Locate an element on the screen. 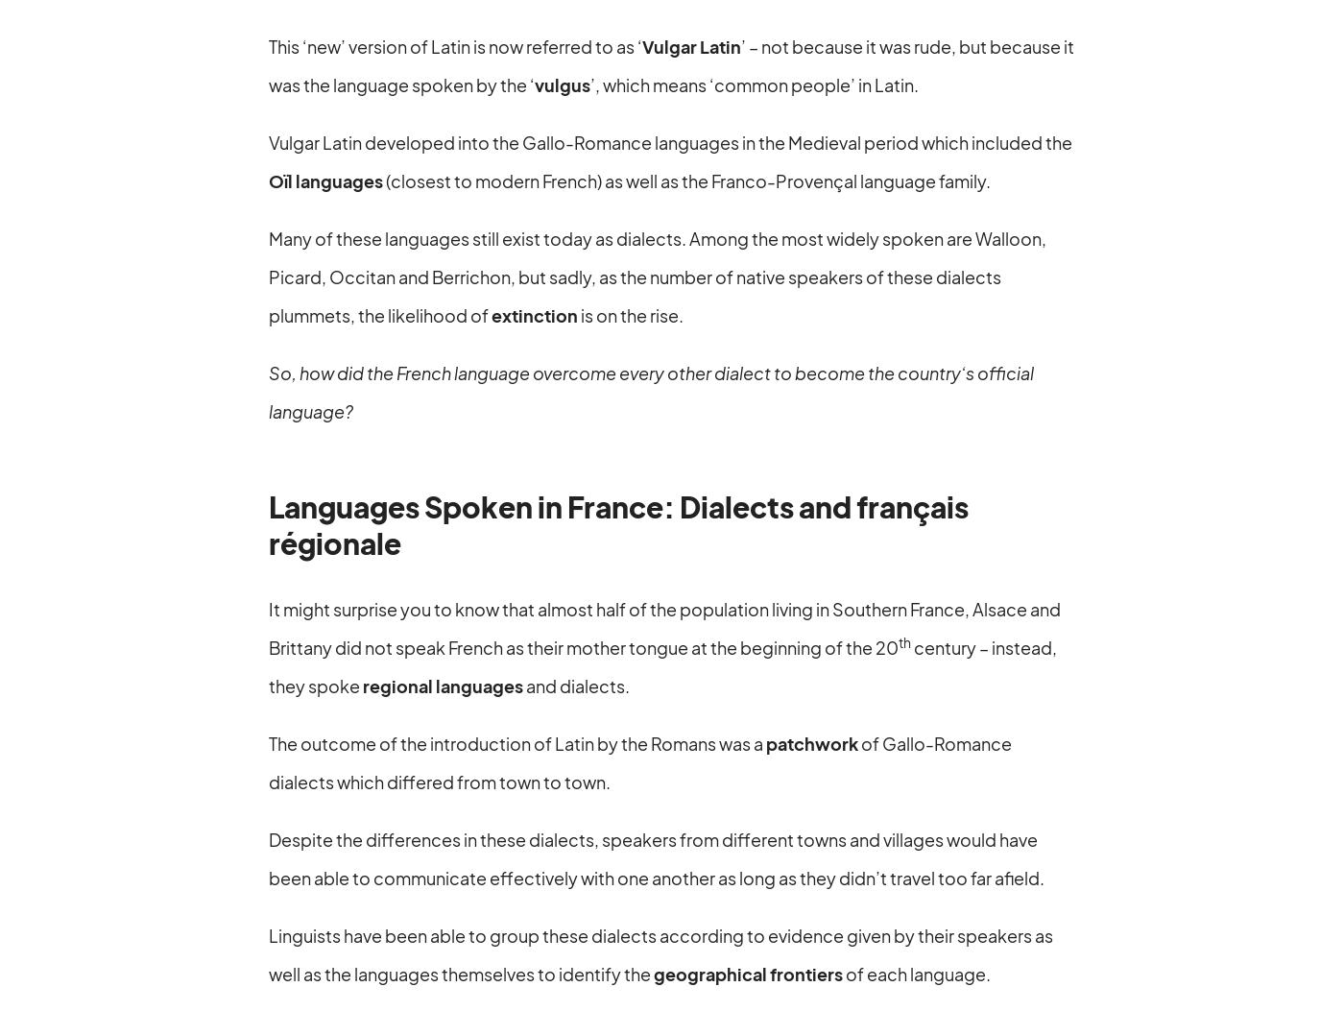 Image resolution: width=1344 pixels, height=1011 pixels. 'Languages Spoken in France: Dialects and français régionale' is located at coordinates (618, 522).